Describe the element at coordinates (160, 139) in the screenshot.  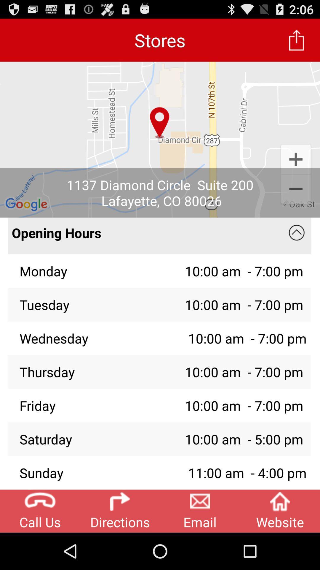
I see `app below stores` at that location.